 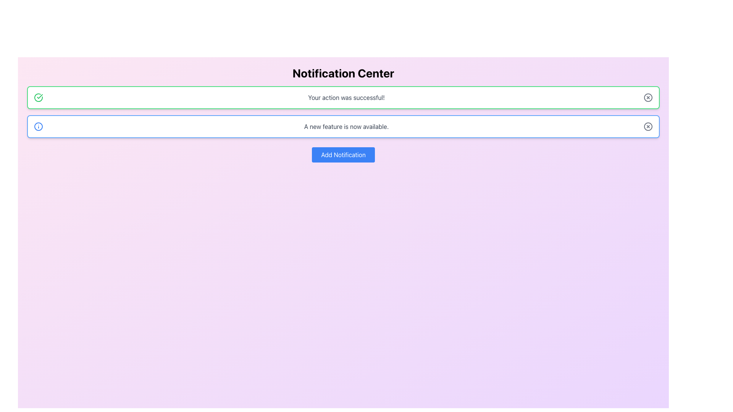 What do you see at coordinates (38, 97) in the screenshot?
I see `the success confirmation icon located in the top-left corner of the notification card next to the text 'Your action was successful!' if it is interactive` at bounding box center [38, 97].